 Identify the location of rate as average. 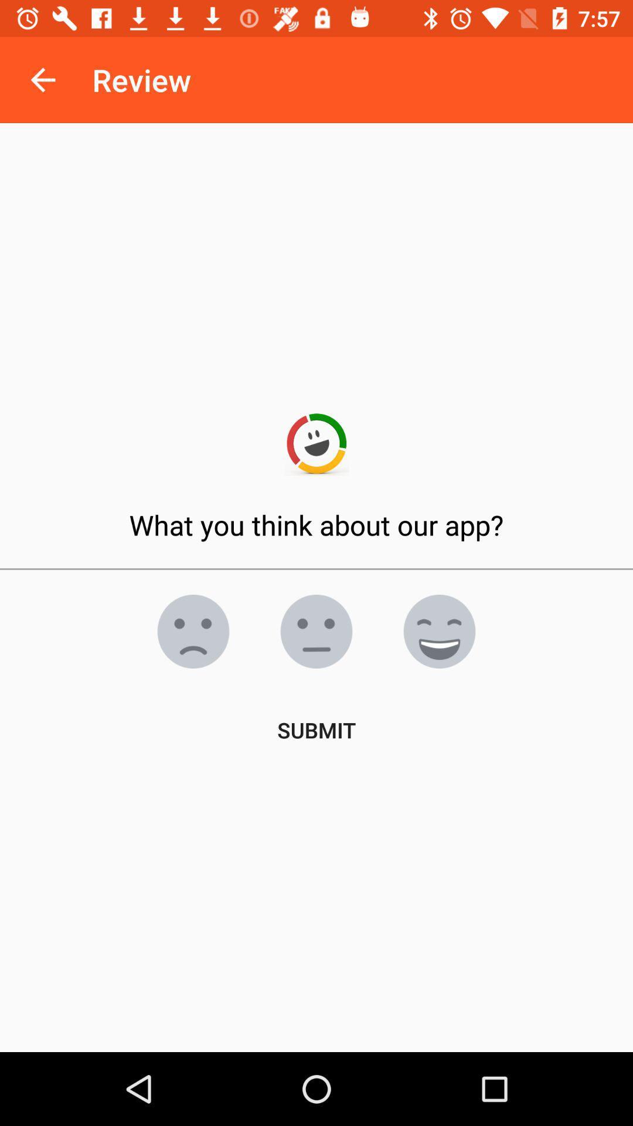
(316, 630).